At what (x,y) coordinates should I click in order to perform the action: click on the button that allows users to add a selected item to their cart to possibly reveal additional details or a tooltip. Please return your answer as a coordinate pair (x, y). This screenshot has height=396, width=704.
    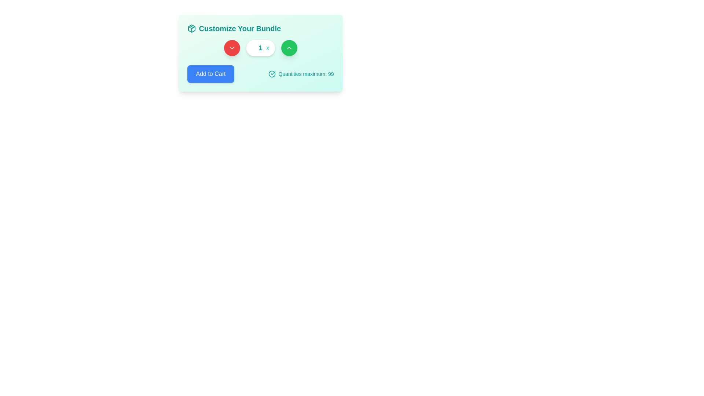
    Looking at the image, I should click on (210, 74).